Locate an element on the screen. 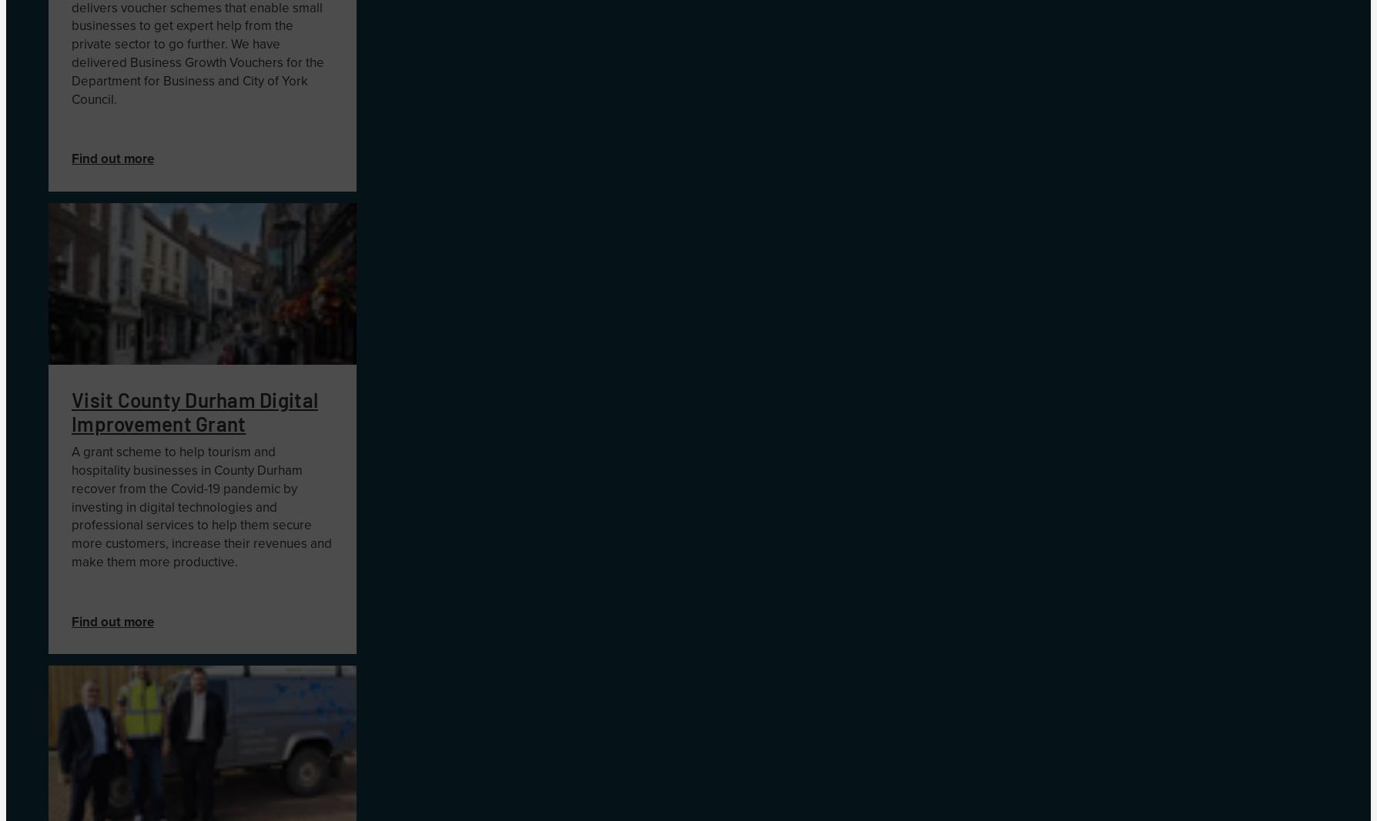  's for' is located at coordinates (290, 61).